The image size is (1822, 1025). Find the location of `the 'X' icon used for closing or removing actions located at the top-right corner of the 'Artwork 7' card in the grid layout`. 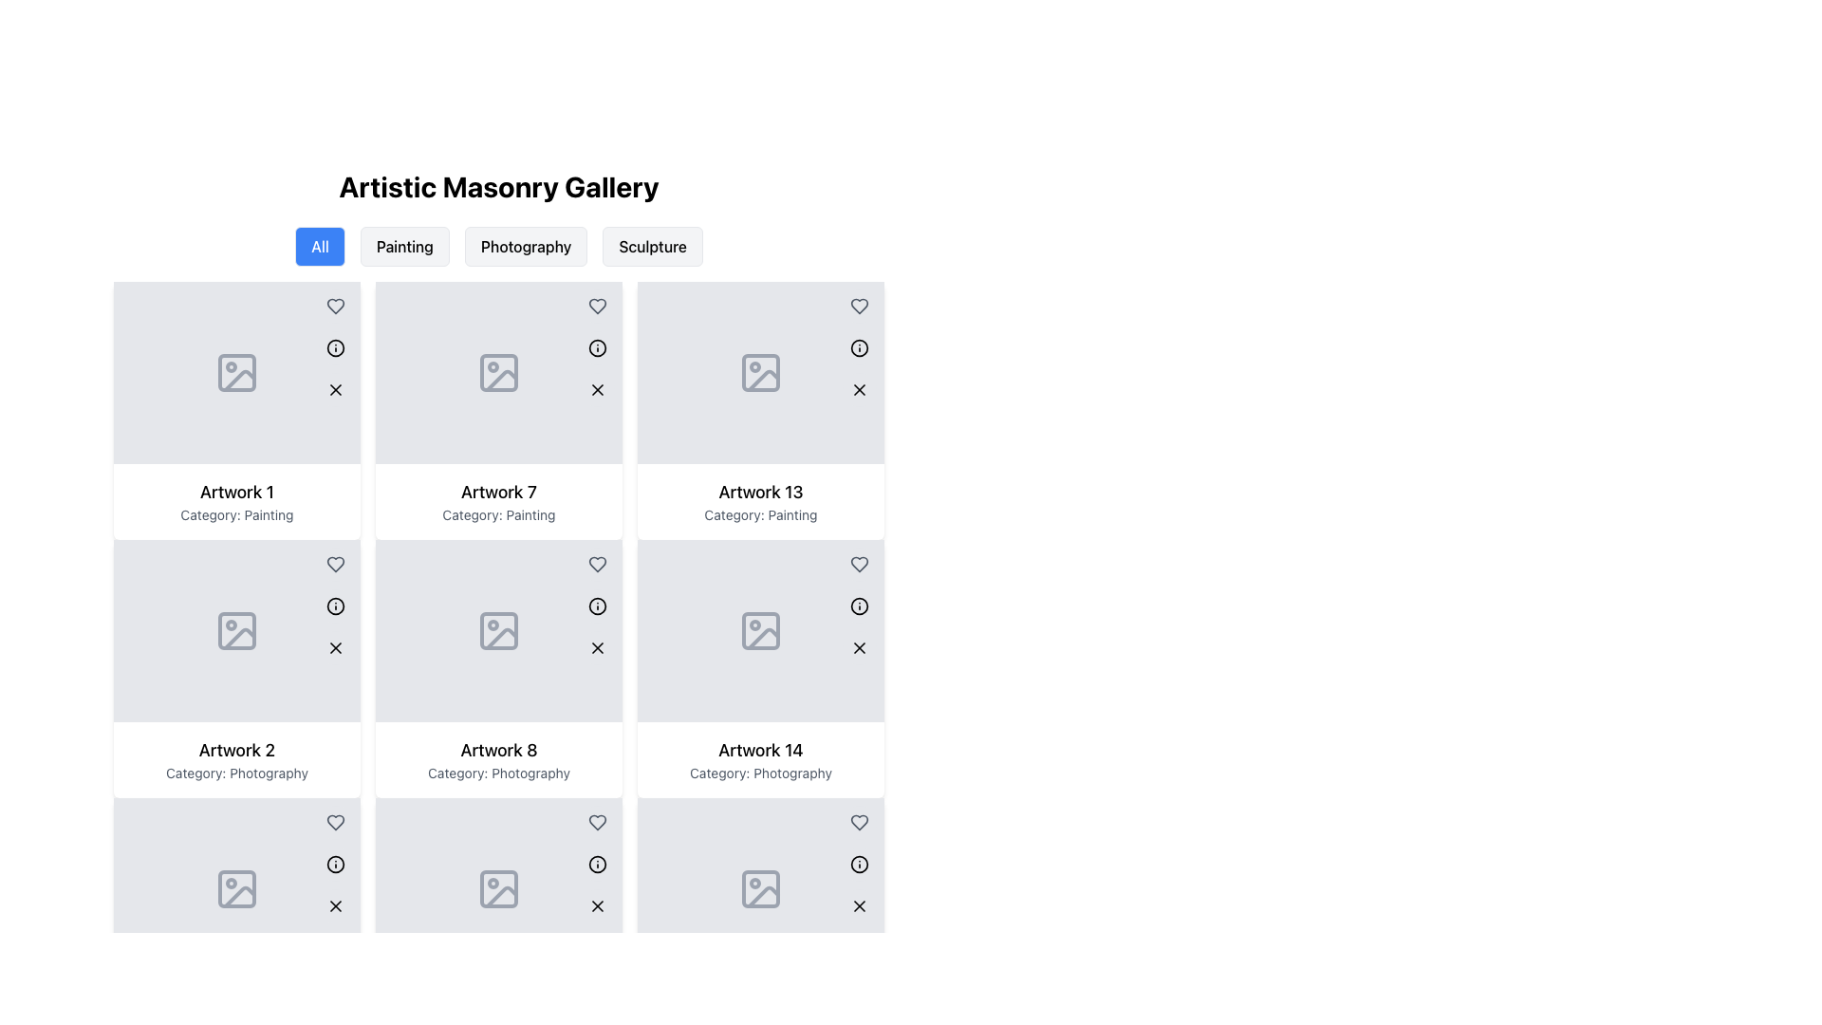

the 'X' icon used for closing or removing actions located at the top-right corner of the 'Artwork 7' card in the grid layout is located at coordinates (596, 389).